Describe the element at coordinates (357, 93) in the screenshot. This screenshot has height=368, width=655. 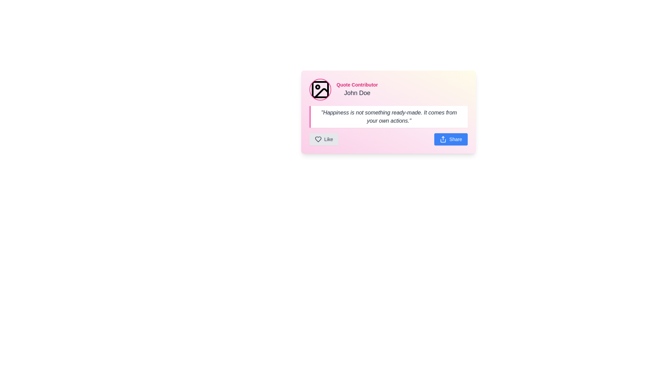
I see `the Text label that identifies the individual contributor of the quote, located below the 'Quote Contributor' element in the profile card` at that location.